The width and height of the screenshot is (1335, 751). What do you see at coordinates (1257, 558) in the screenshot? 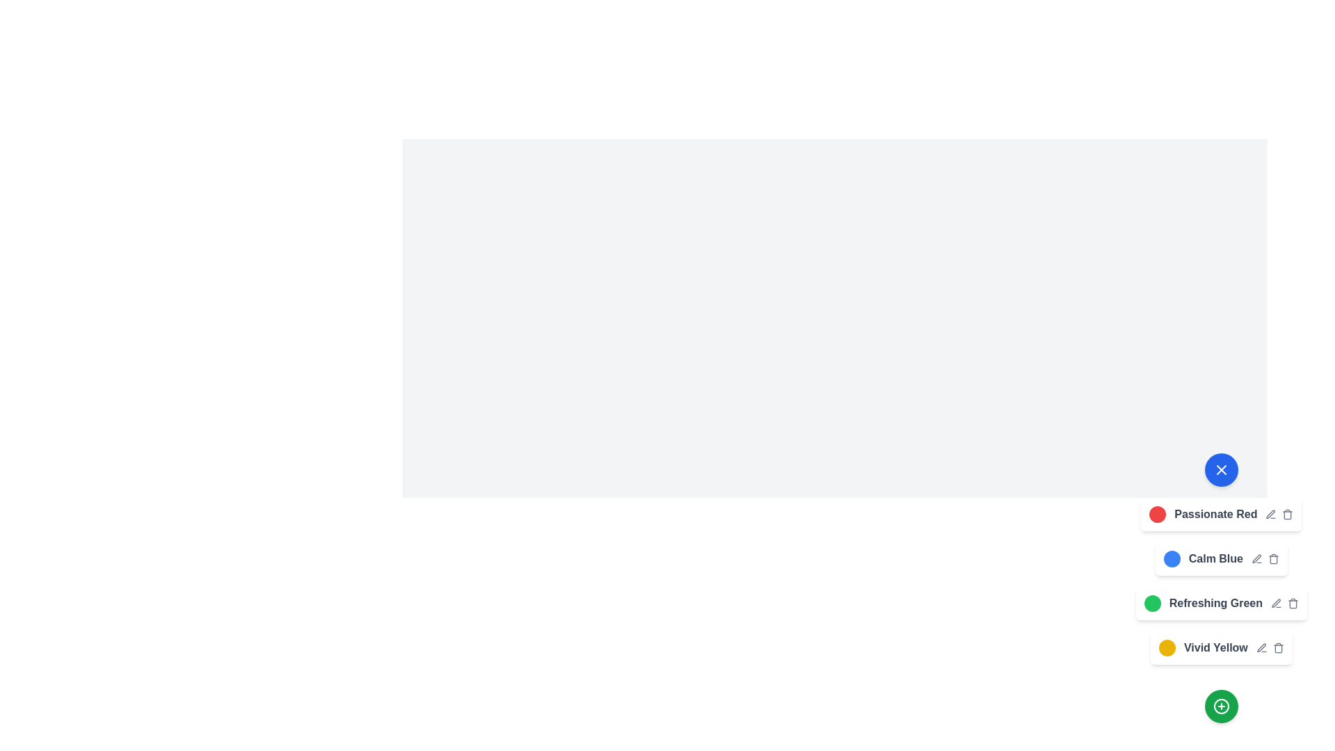
I see `edit button next to the color theme named Calm Blue` at bounding box center [1257, 558].